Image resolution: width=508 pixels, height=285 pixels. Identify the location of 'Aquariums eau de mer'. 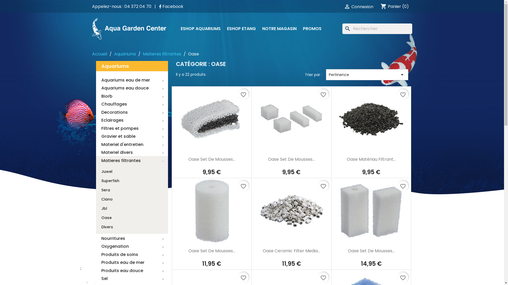
(132, 80).